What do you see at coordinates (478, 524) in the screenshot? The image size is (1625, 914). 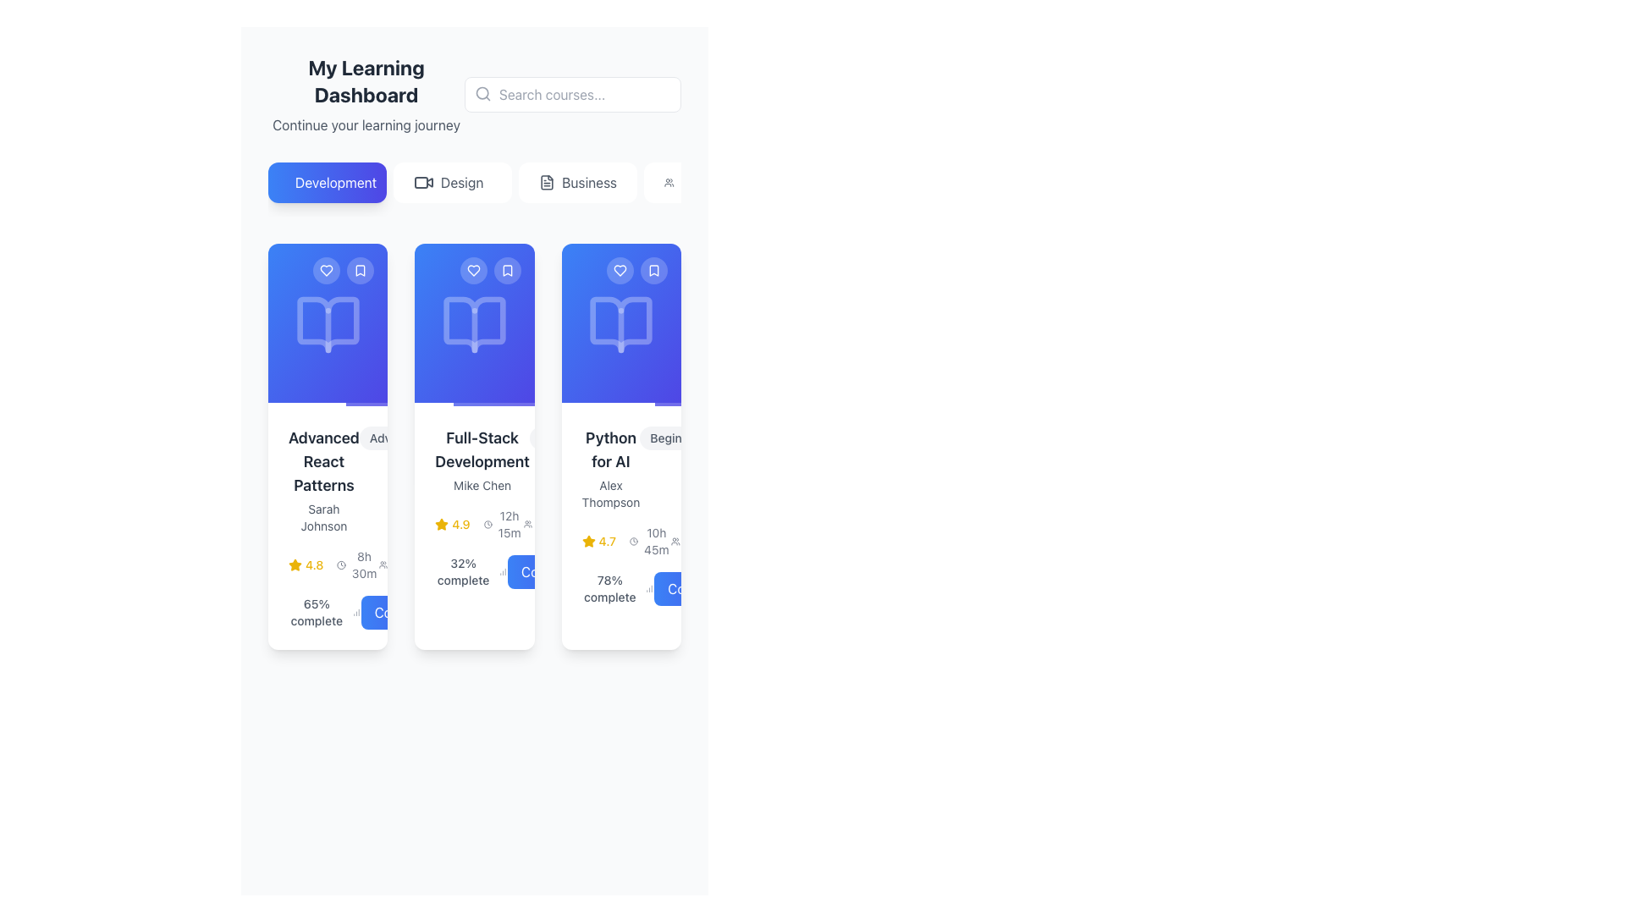 I see `rating '4.9' and the duration '12h 15m' from the Composite text and icon group located in the bottom segment of the 'Full-Stack Development' card` at bounding box center [478, 524].